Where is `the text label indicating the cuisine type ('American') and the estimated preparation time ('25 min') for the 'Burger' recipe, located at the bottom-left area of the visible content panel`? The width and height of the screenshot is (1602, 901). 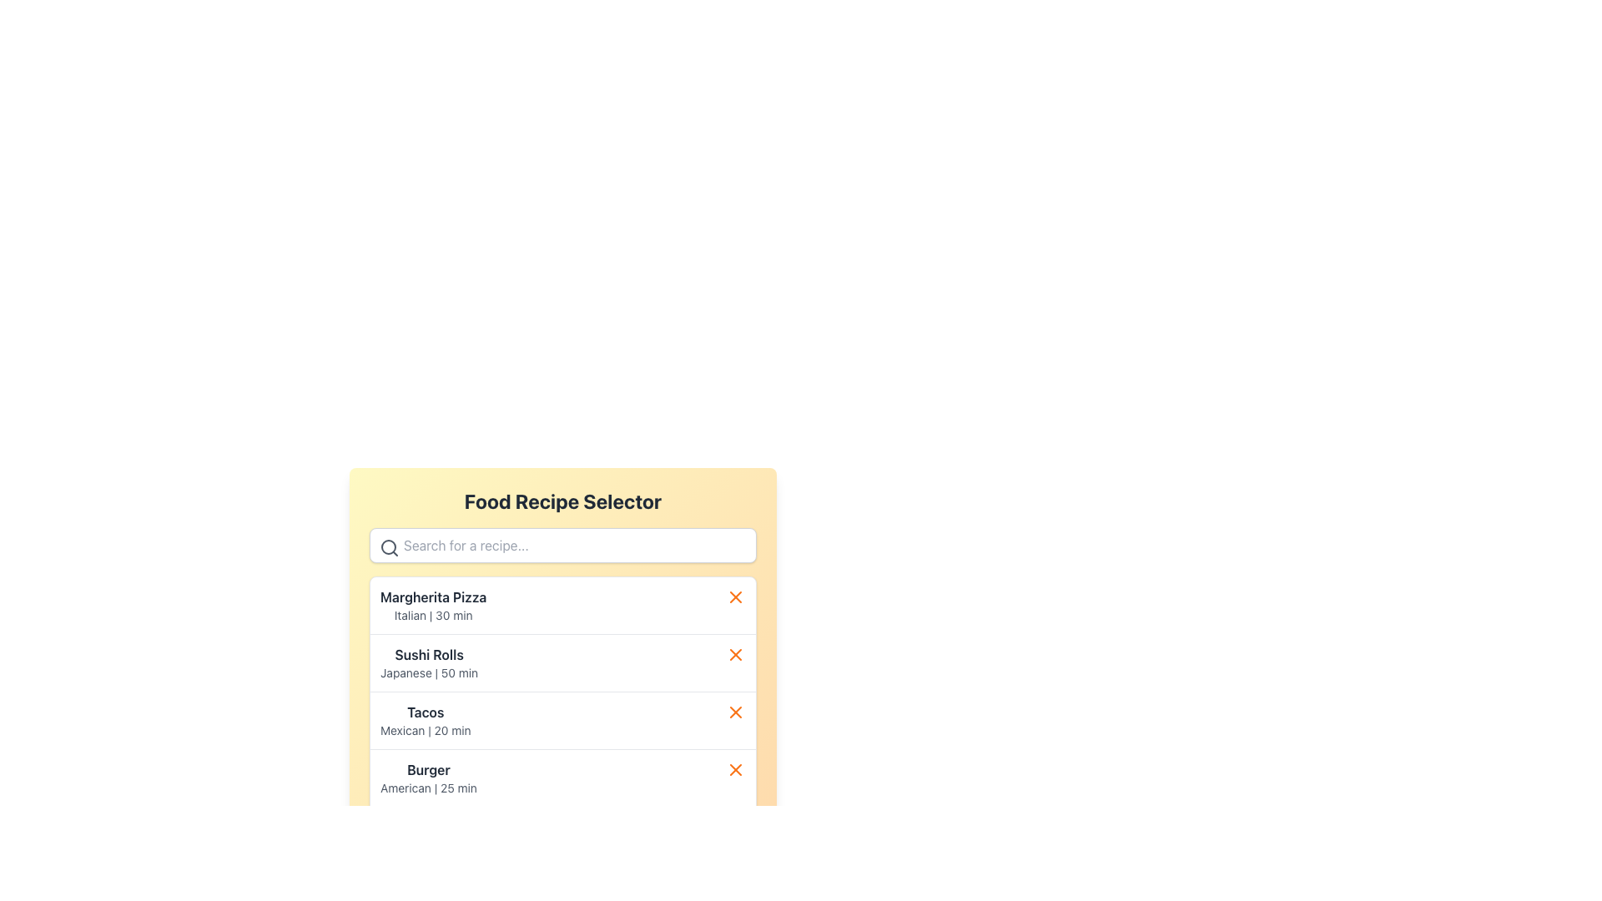 the text label indicating the cuisine type ('American') and the estimated preparation time ('25 min') for the 'Burger' recipe, located at the bottom-left area of the visible content panel is located at coordinates (428, 788).